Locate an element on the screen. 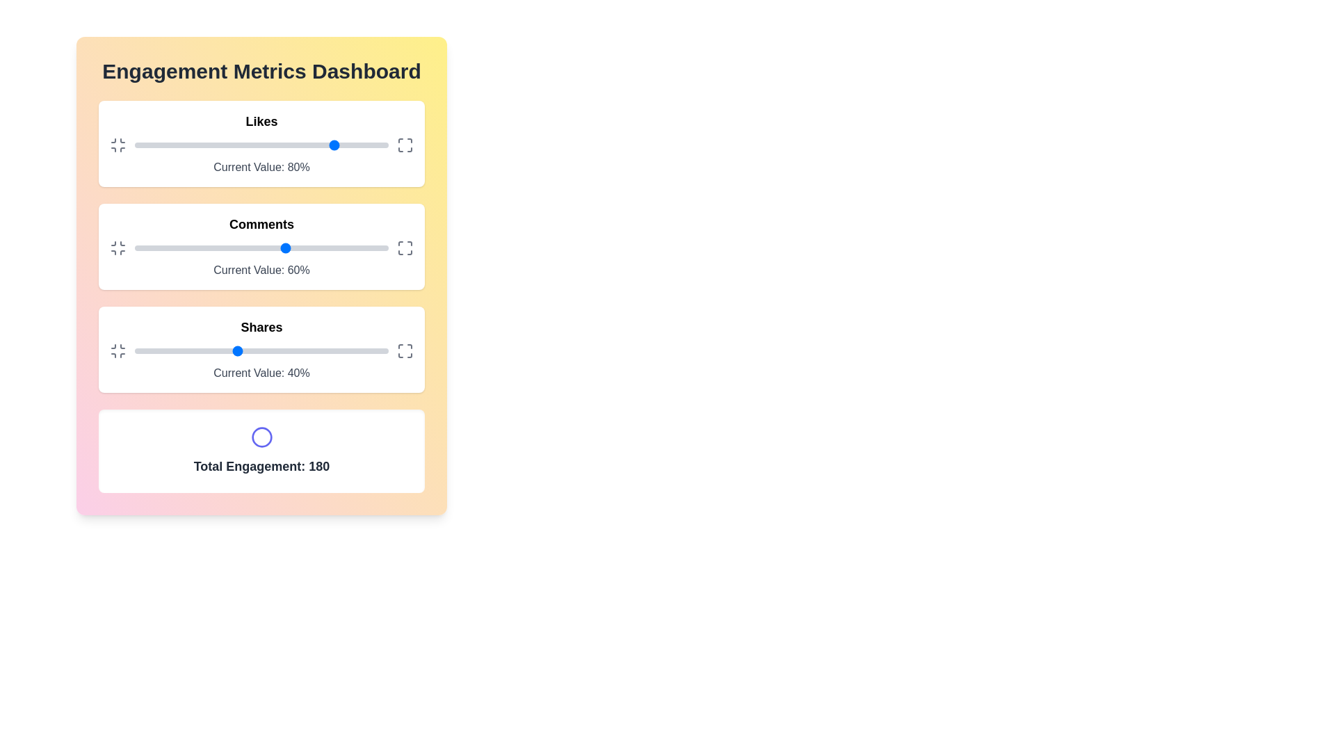 The width and height of the screenshot is (1335, 751). the 'Likes' slider is located at coordinates (348, 145).